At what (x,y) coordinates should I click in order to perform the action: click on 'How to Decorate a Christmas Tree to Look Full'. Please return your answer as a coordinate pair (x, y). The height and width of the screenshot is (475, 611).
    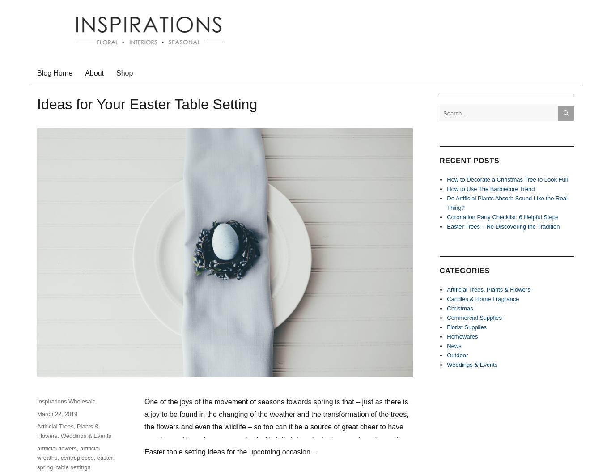
    Looking at the image, I should click on (446, 178).